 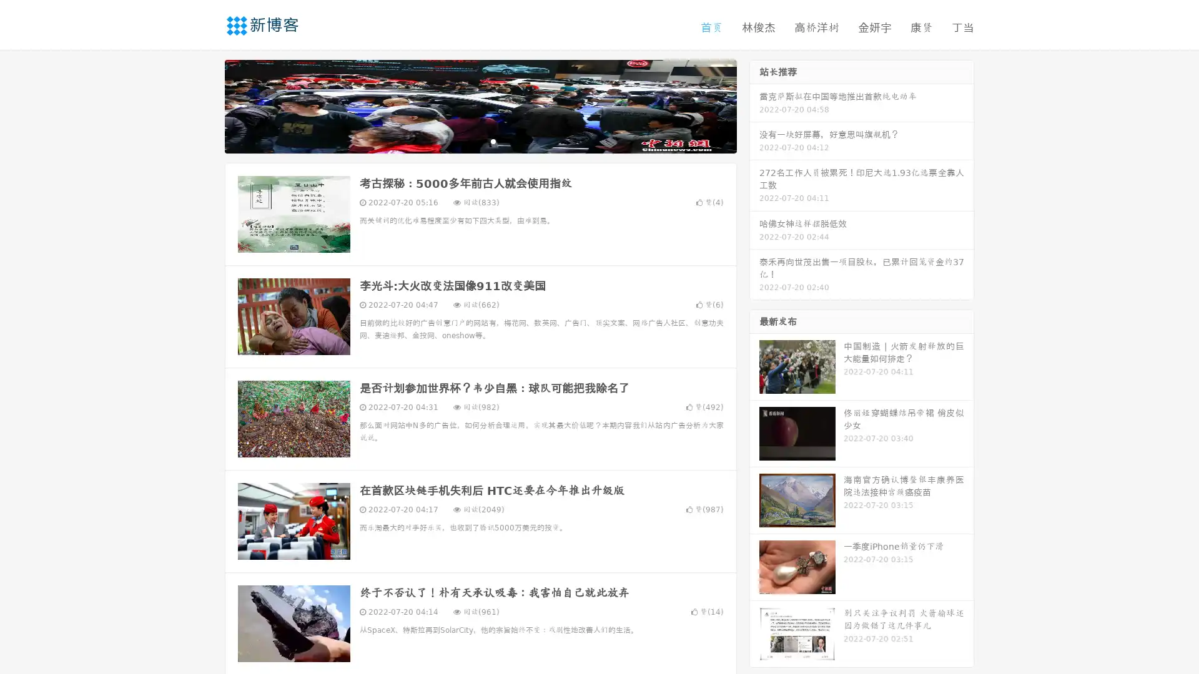 What do you see at coordinates (467, 140) in the screenshot?
I see `Go to slide 1` at bounding box center [467, 140].